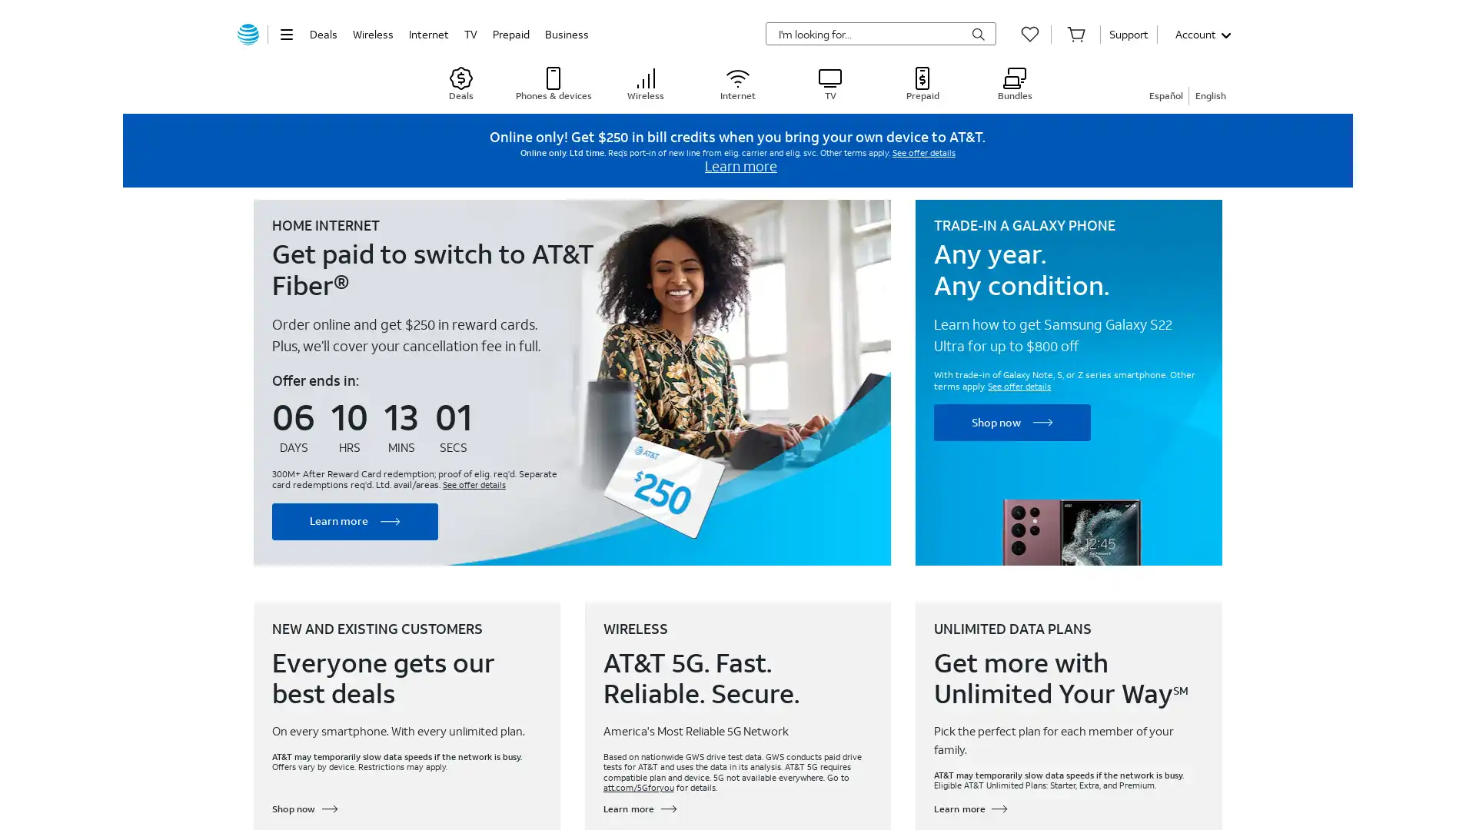 The width and height of the screenshot is (1476, 830). Describe the element at coordinates (977, 35) in the screenshot. I see `Search` at that location.